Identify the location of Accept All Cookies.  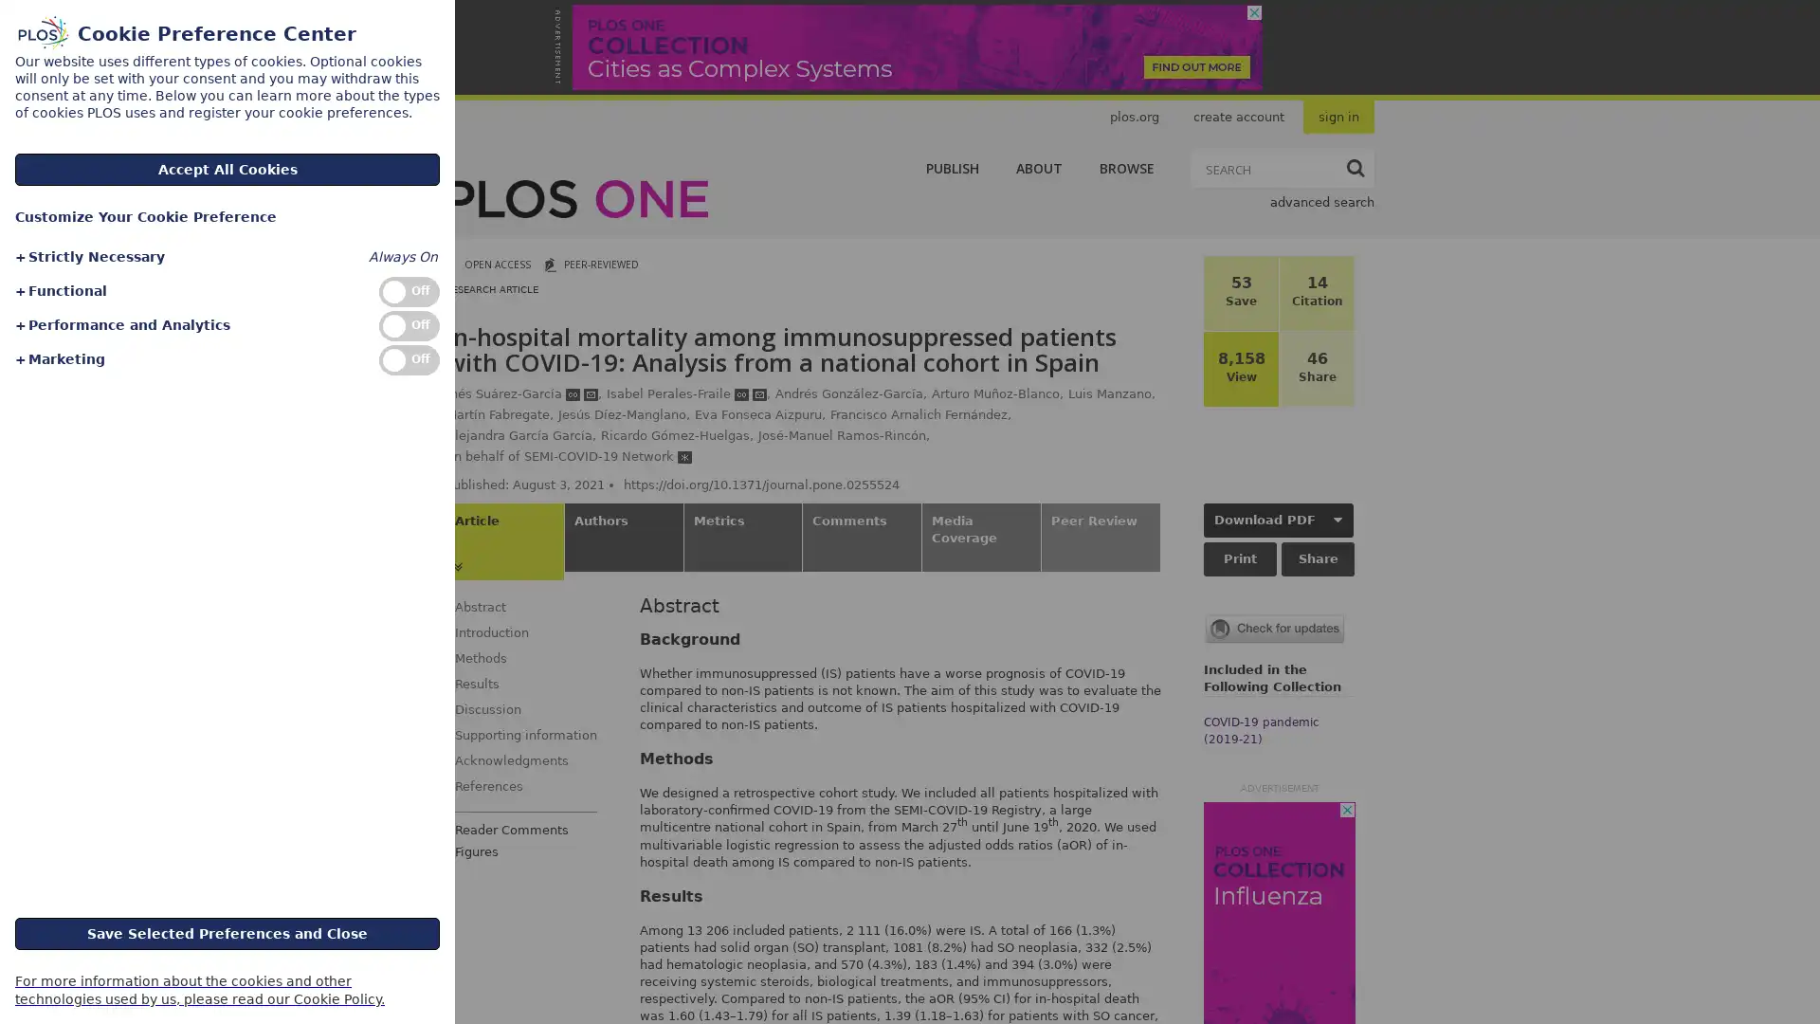
(227, 168).